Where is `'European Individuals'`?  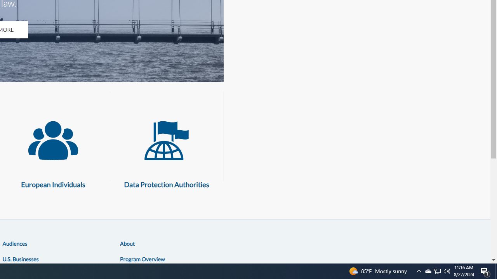
'European Individuals' is located at coordinates (52, 141).